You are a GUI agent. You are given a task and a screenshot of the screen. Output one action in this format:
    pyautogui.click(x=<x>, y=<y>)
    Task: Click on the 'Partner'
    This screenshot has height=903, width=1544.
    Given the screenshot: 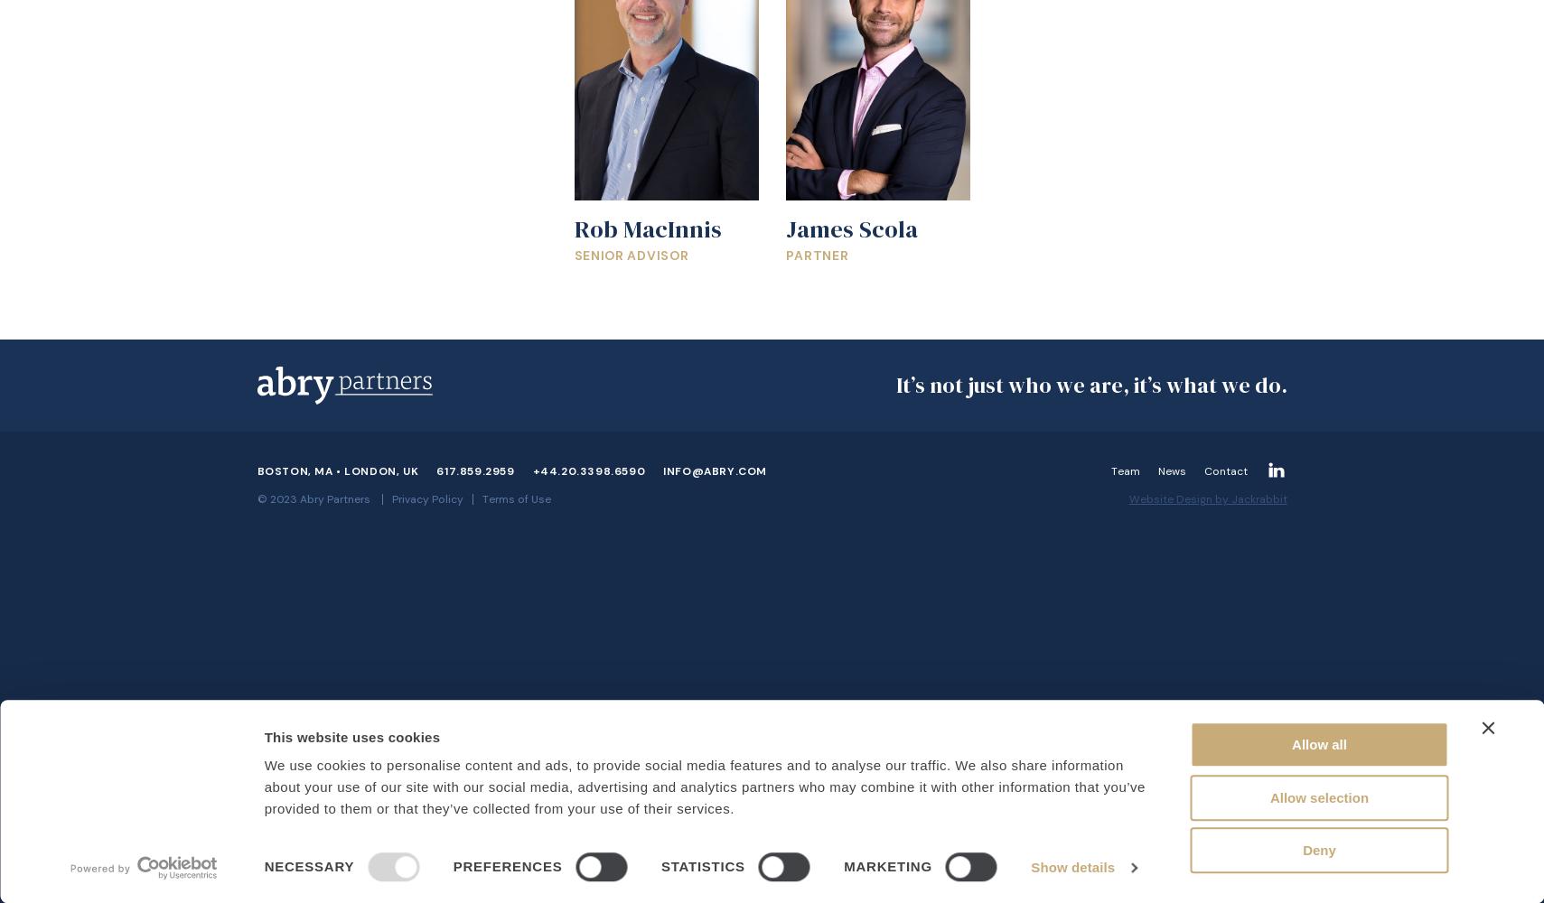 What is the action you would take?
    pyautogui.click(x=817, y=255)
    